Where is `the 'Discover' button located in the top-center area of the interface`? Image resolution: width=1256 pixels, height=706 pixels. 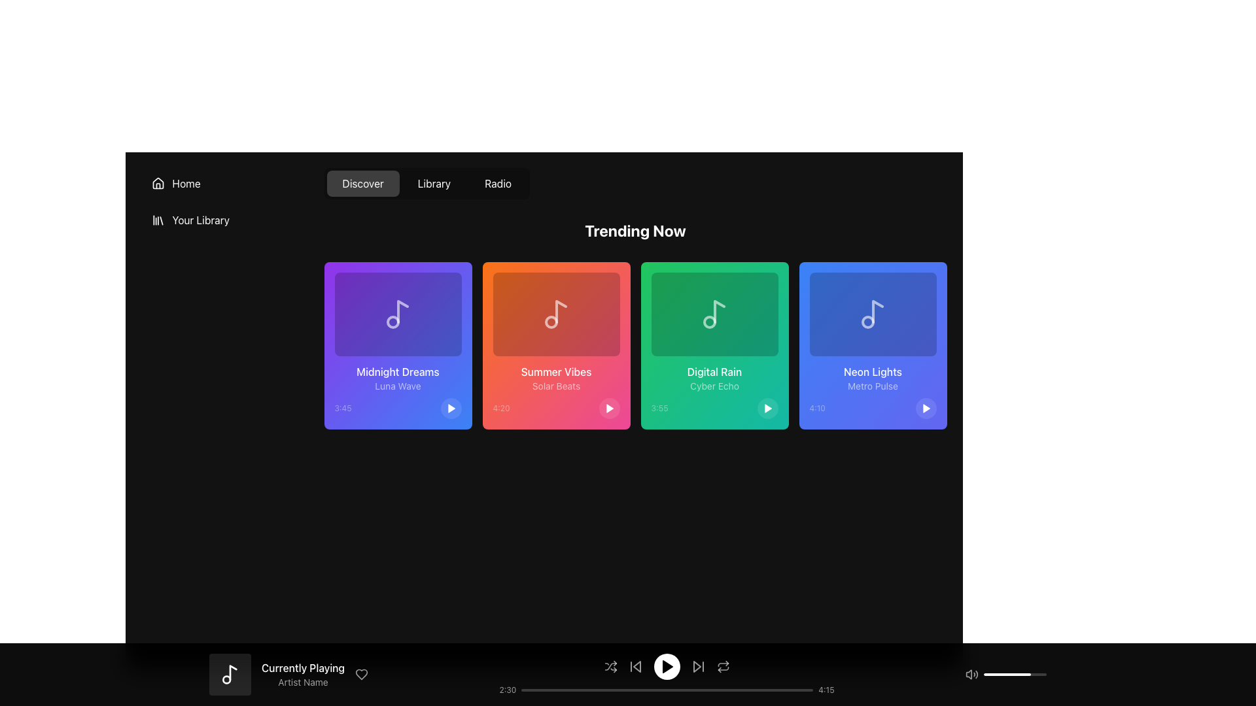 the 'Discover' button located in the top-center area of the interface is located at coordinates (363, 184).